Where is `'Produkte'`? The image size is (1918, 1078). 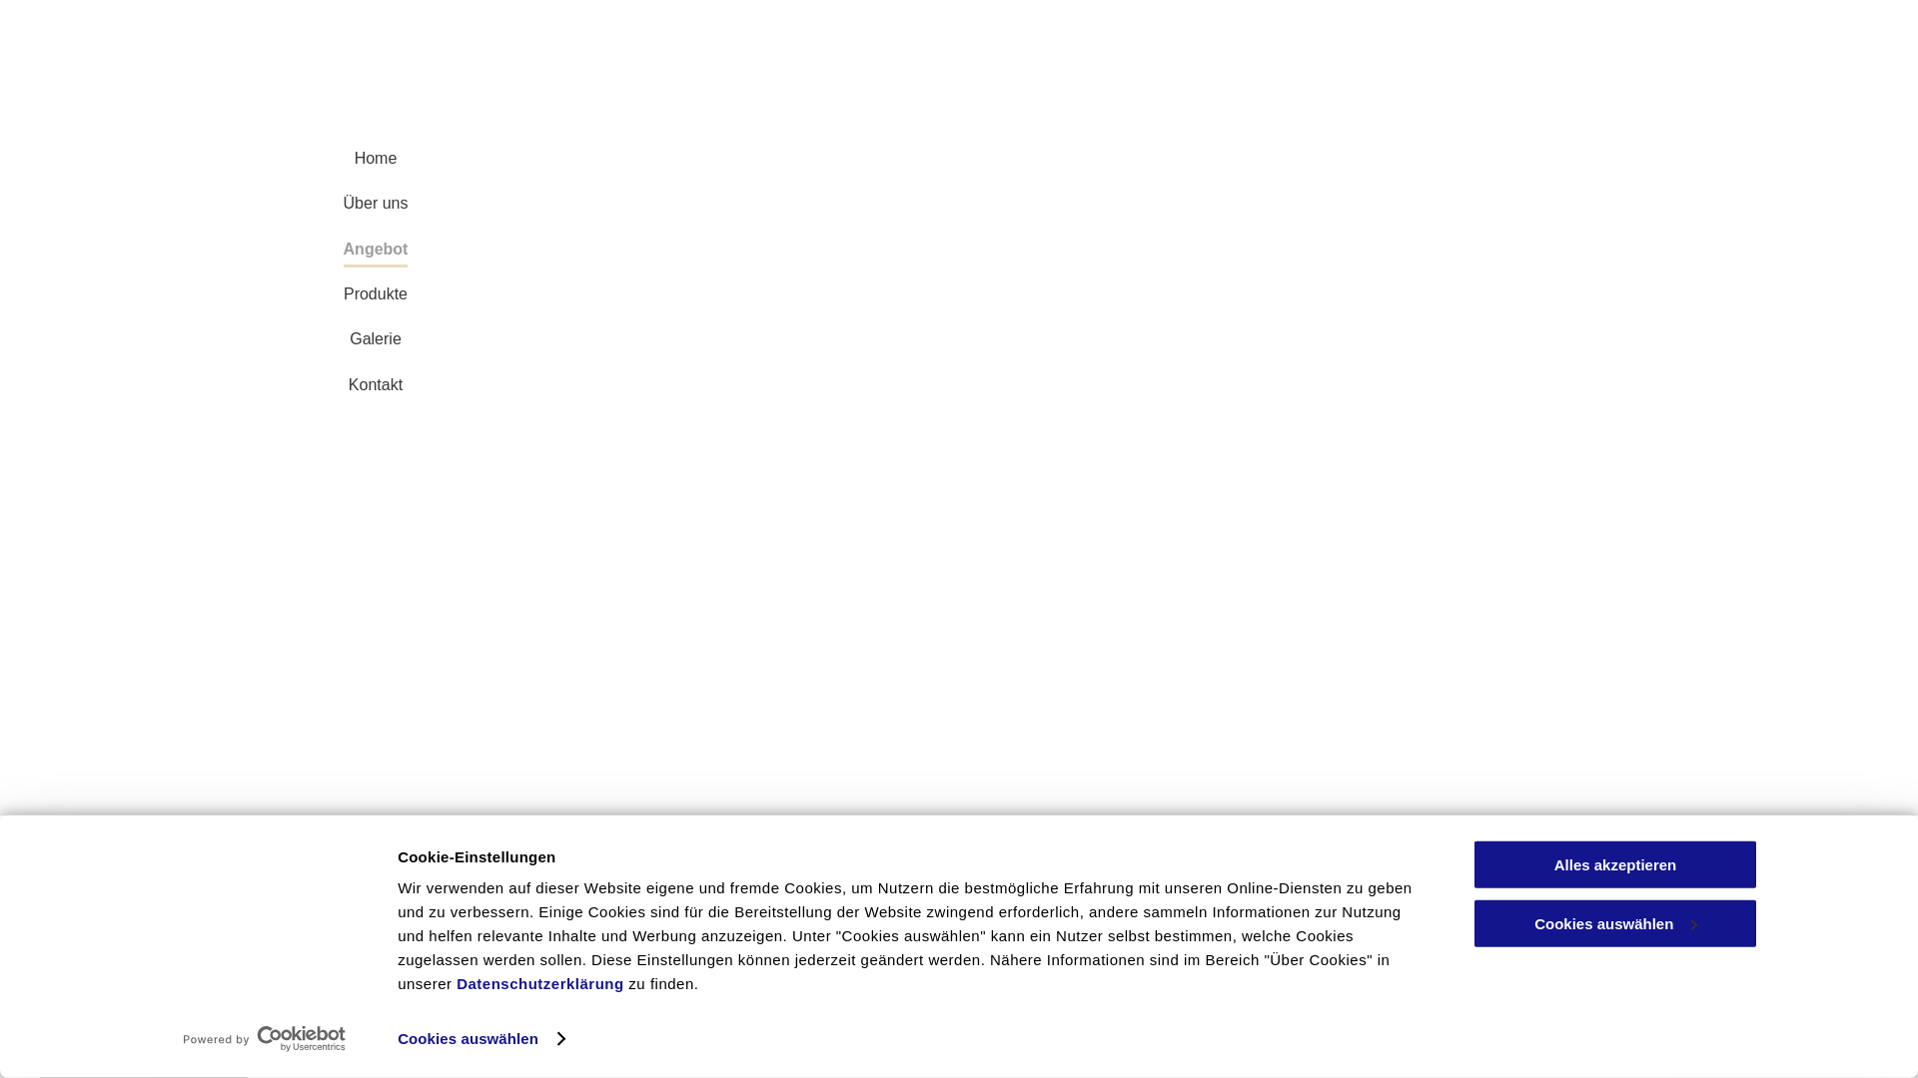 'Produkte' is located at coordinates (996, 954).